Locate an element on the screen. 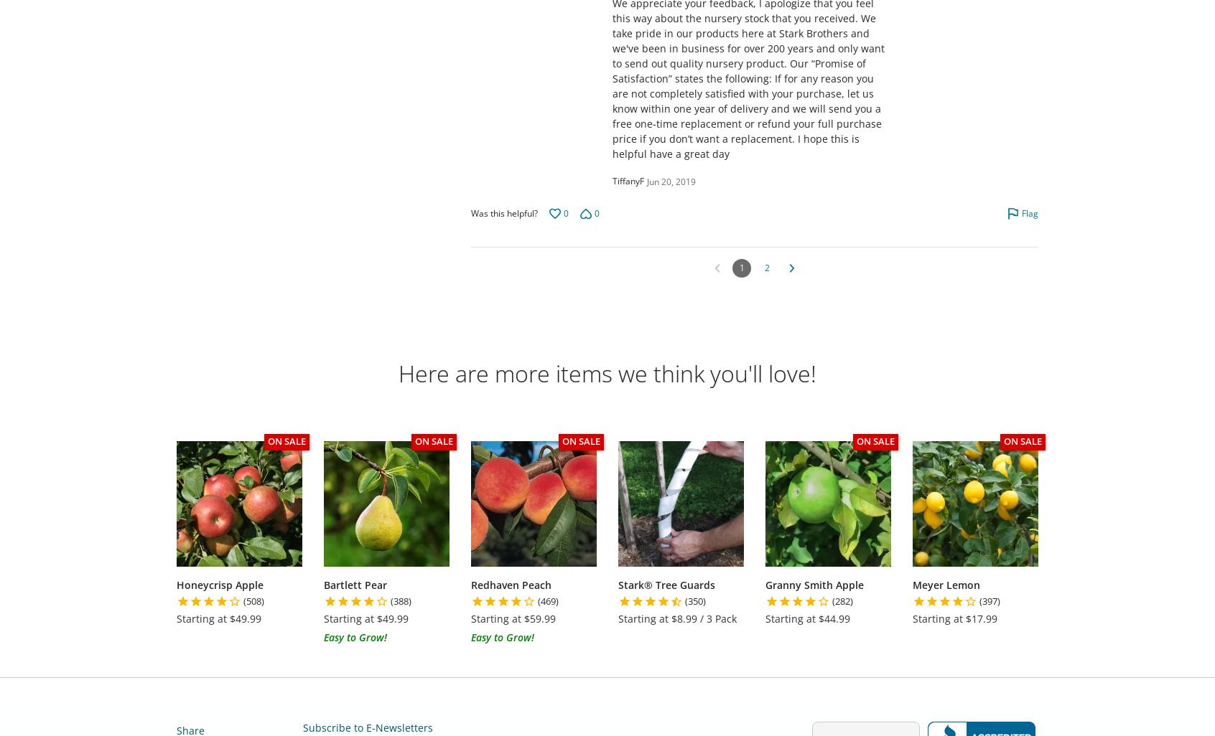  '1' is located at coordinates (740, 267).